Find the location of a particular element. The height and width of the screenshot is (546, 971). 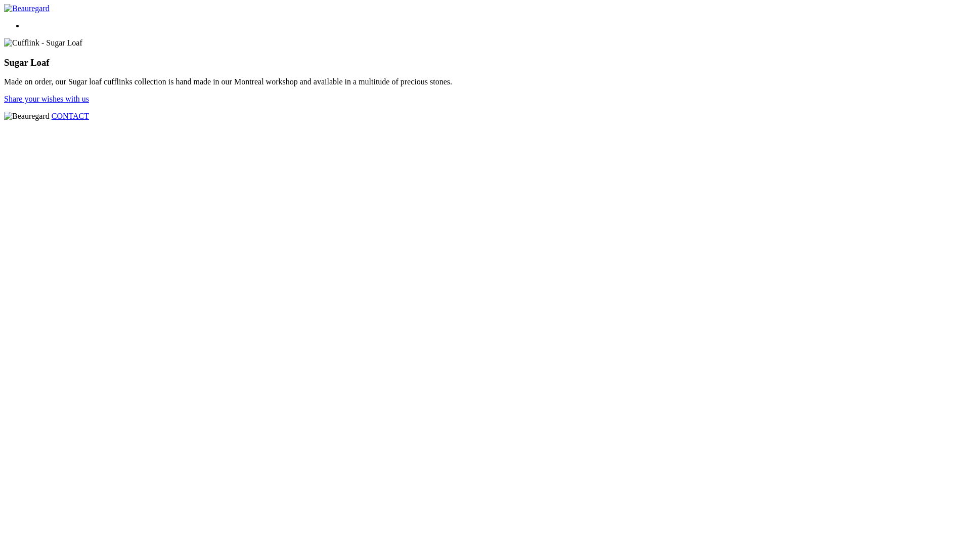

'CONTACT' is located at coordinates (51, 115).